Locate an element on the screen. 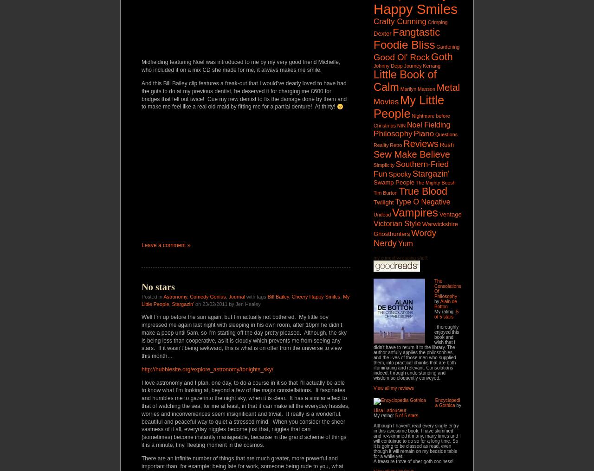 This screenshot has height=471, width=594. 'Encyclopedia Gothica' is located at coordinates (434, 402).